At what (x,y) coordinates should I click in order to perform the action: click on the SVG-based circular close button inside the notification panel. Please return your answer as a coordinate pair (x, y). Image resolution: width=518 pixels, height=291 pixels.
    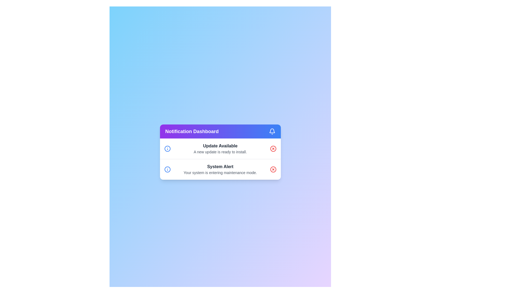
    Looking at the image, I should click on (273, 148).